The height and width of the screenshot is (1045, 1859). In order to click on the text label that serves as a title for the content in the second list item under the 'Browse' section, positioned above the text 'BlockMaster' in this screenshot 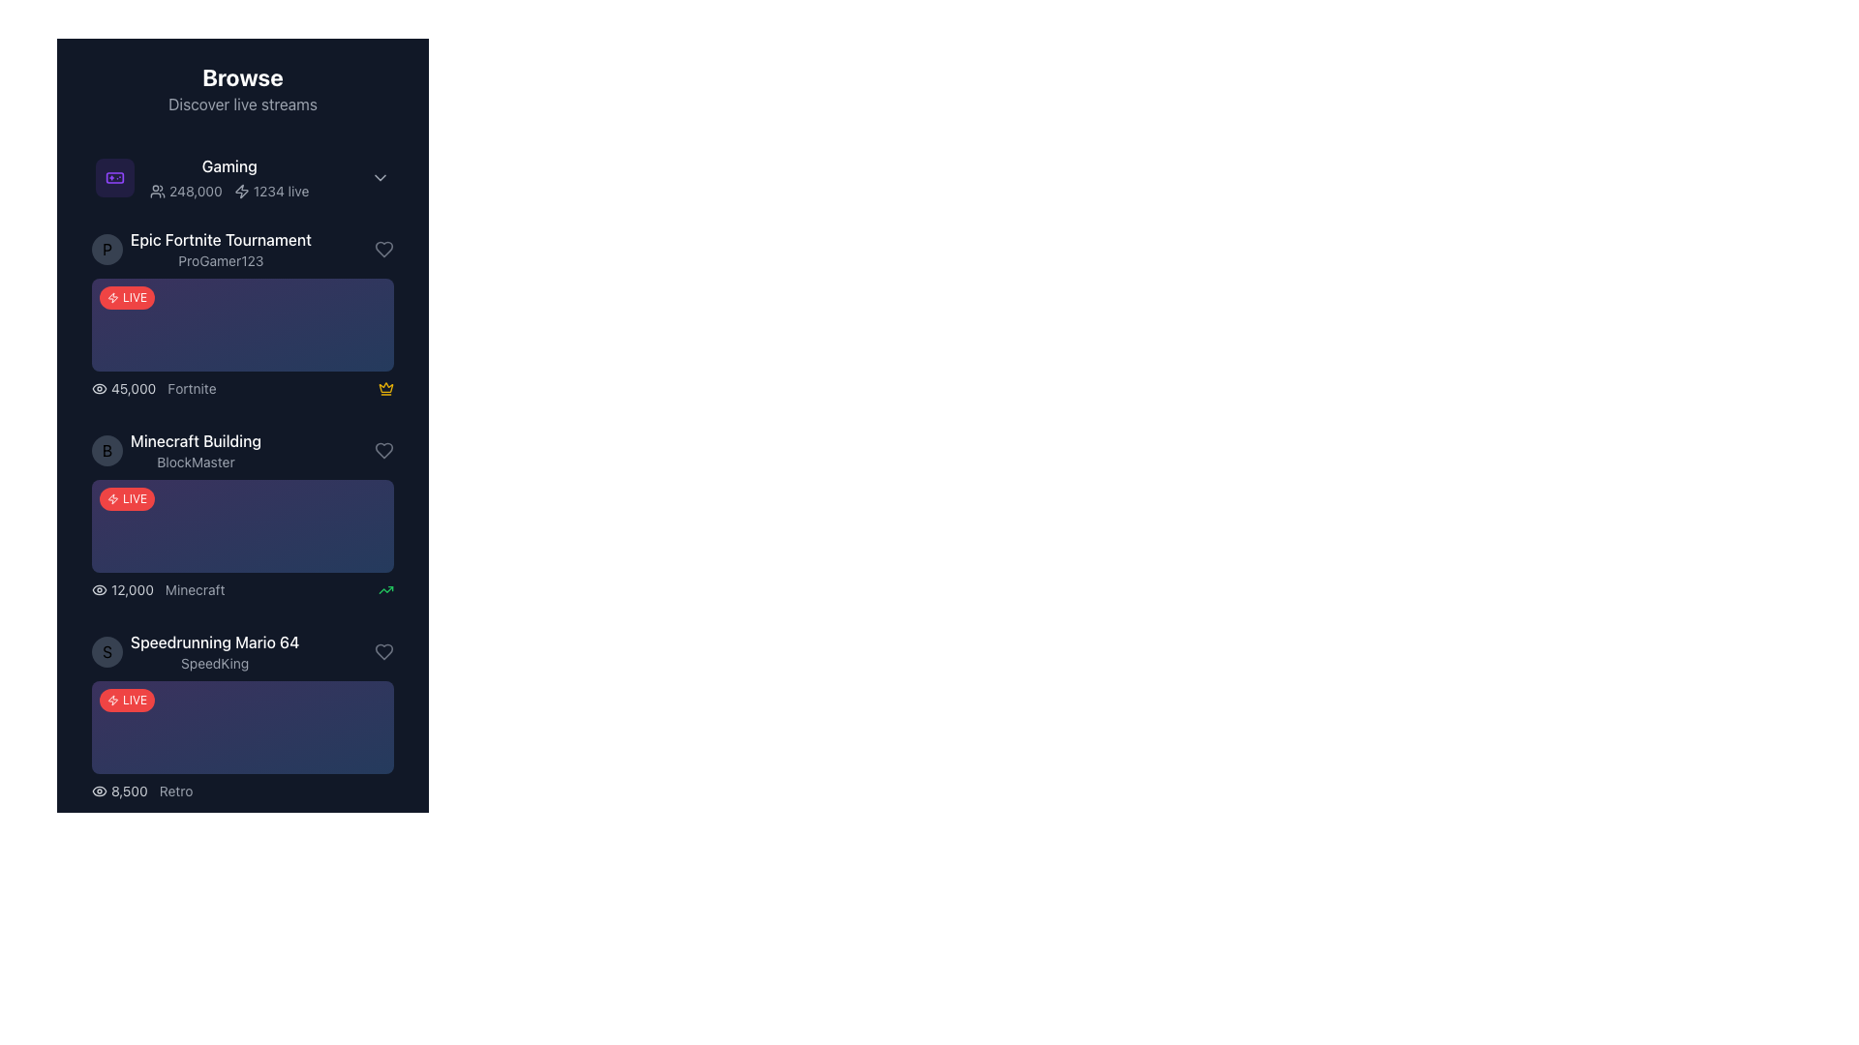, I will do `click(196, 440)`.